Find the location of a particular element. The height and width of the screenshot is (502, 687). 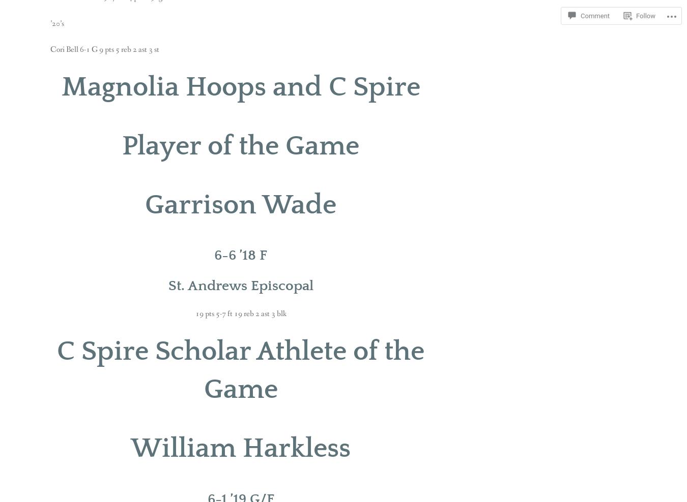

'Player of the Game' is located at coordinates (240, 146).